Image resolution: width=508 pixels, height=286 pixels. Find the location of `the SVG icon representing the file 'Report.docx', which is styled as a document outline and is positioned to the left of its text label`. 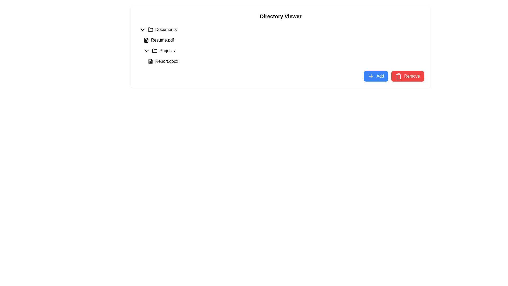

the SVG icon representing the file 'Report.docx', which is styled as a document outline and is positioned to the left of its text label is located at coordinates (150, 61).